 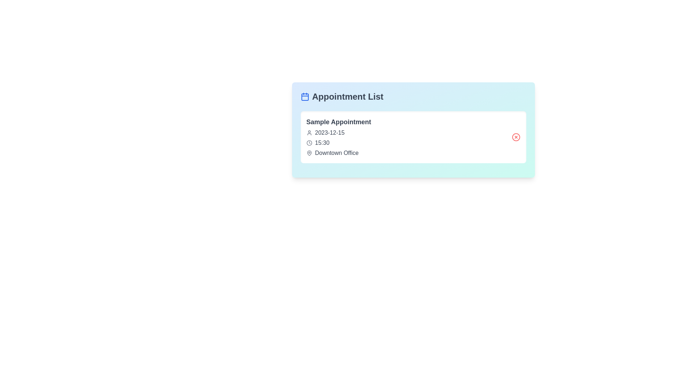 I want to click on date information displayed in the text element indicating the appointment date '2023-12-15', which is positioned below the title 'Sample Appointment', so click(x=338, y=133).